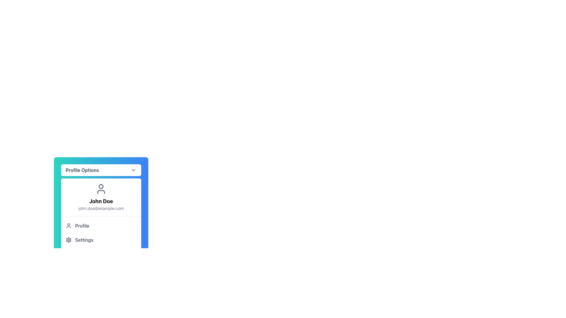  Describe the element at coordinates (101, 201) in the screenshot. I see `the prominent Static Text element displaying the name 'John Doe', which is located above the smaller gray email text in the profile card layout` at that location.